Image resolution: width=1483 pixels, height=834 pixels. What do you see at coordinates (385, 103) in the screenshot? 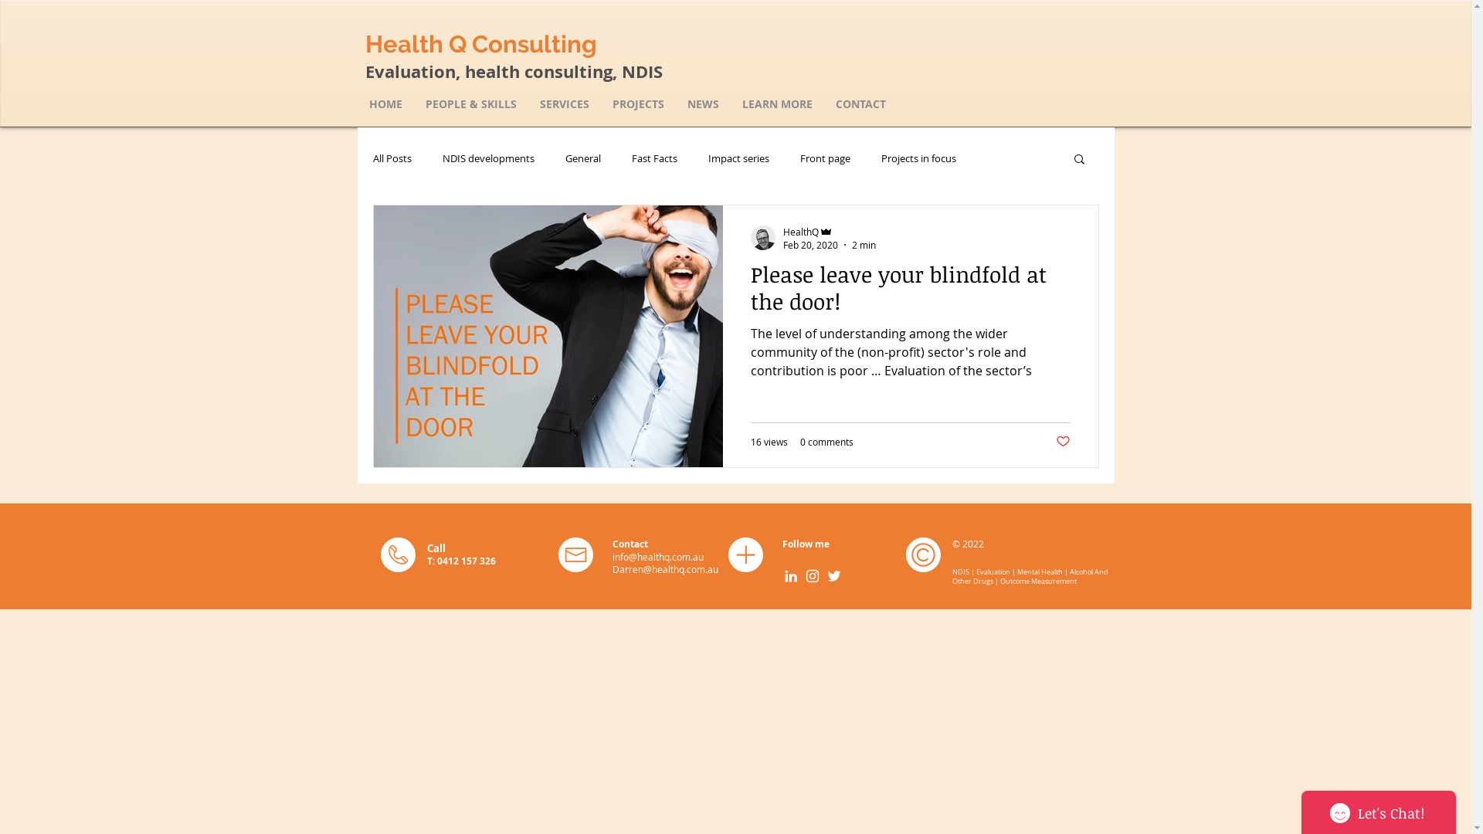
I see `'HOME'` at bounding box center [385, 103].